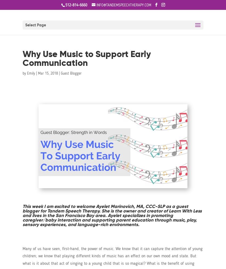 This screenshot has width=226, height=269. Describe the element at coordinates (123, 5) in the screenshot. I see `'info@tandemspeechtherapy.com'` at that location.